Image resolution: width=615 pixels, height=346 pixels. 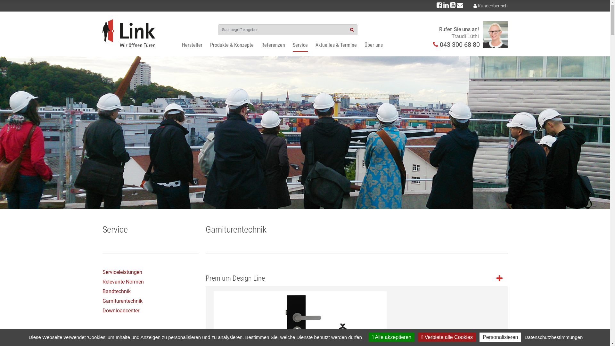 I want to click on 'Referenzen', so click(x=273, y=45).